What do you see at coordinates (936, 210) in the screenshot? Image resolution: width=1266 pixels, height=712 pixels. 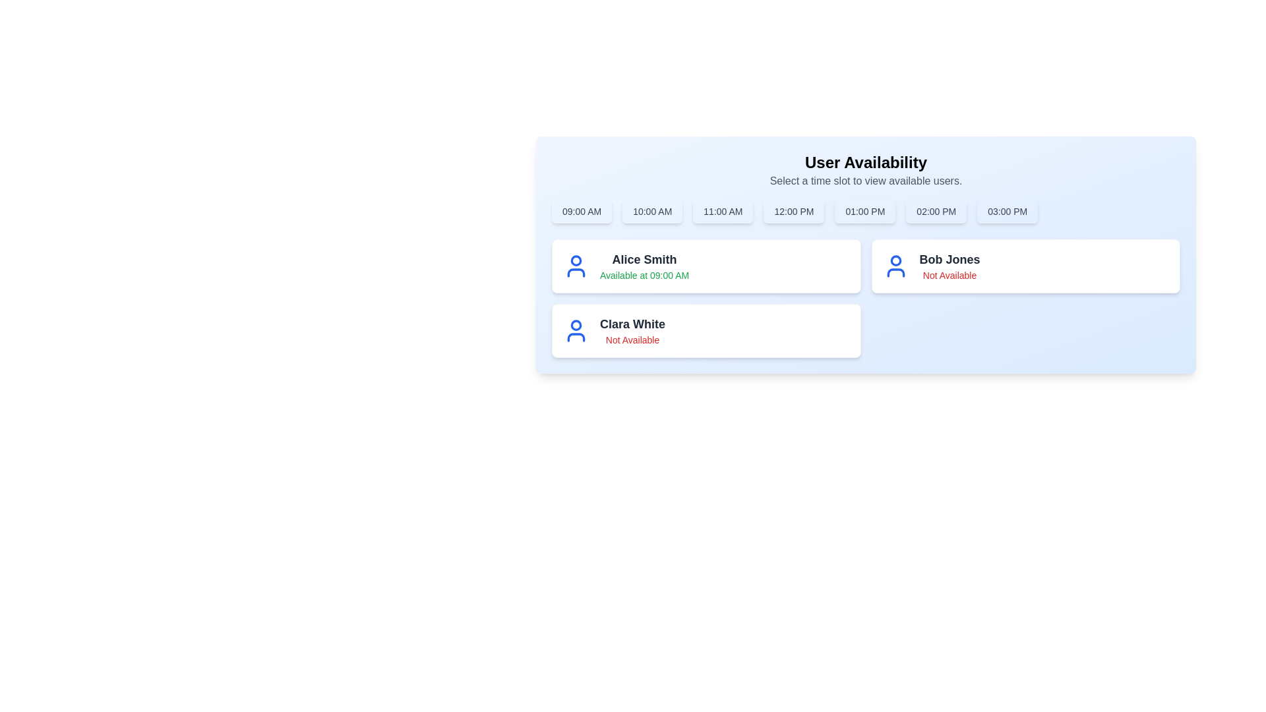 I see `the '02:00 PM' time selection button` at bounding box center [936, 210].